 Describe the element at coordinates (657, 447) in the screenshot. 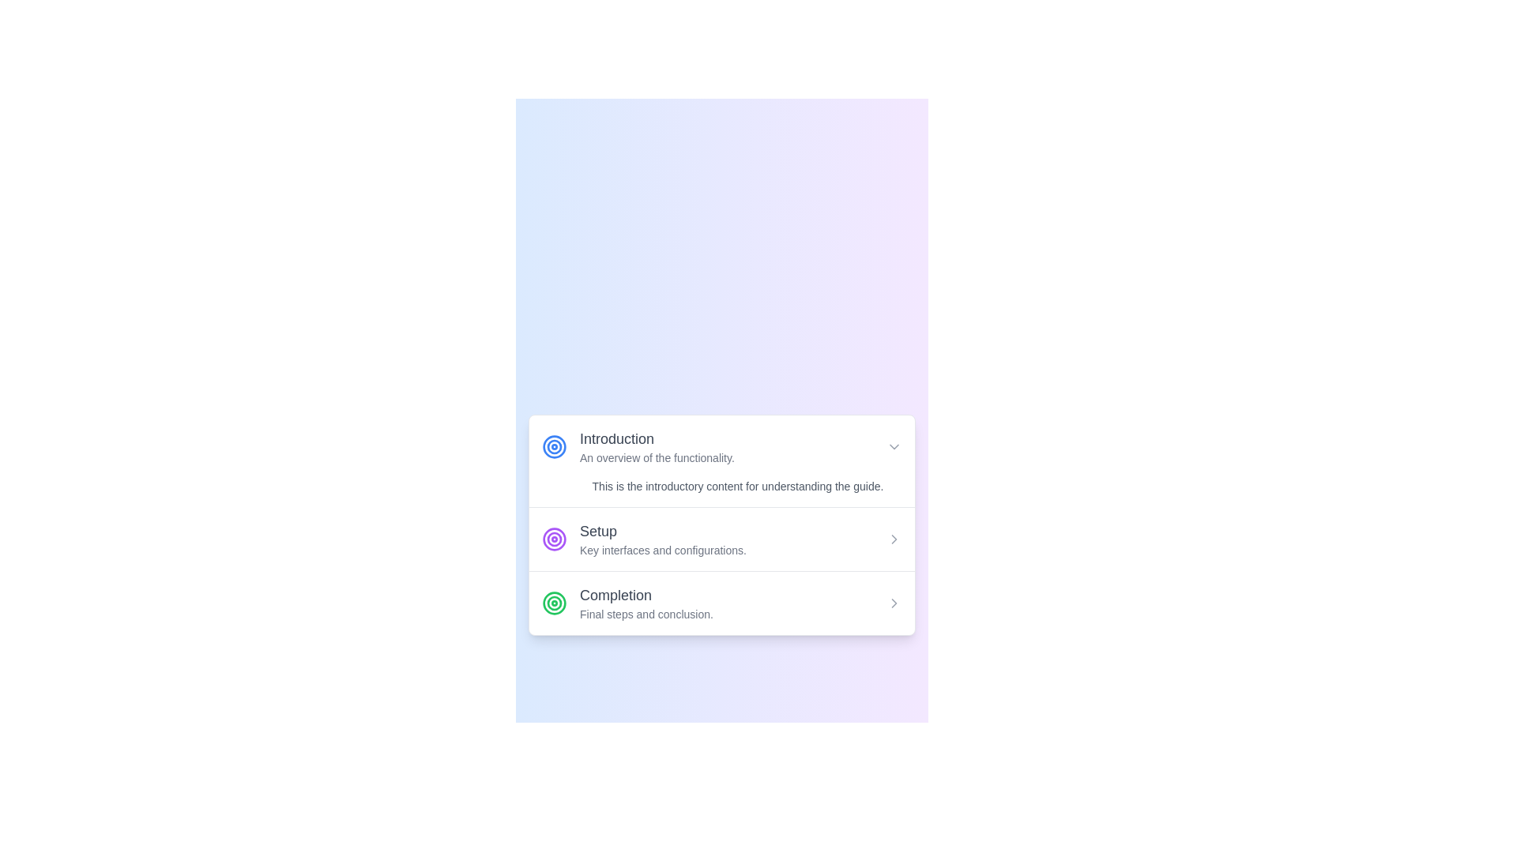

I see `the Text Block that contains the bold 'Introduction' and the gray 'An overview of the functionality' text, located in the top section of the list next to a circular target-like icon` at that location.